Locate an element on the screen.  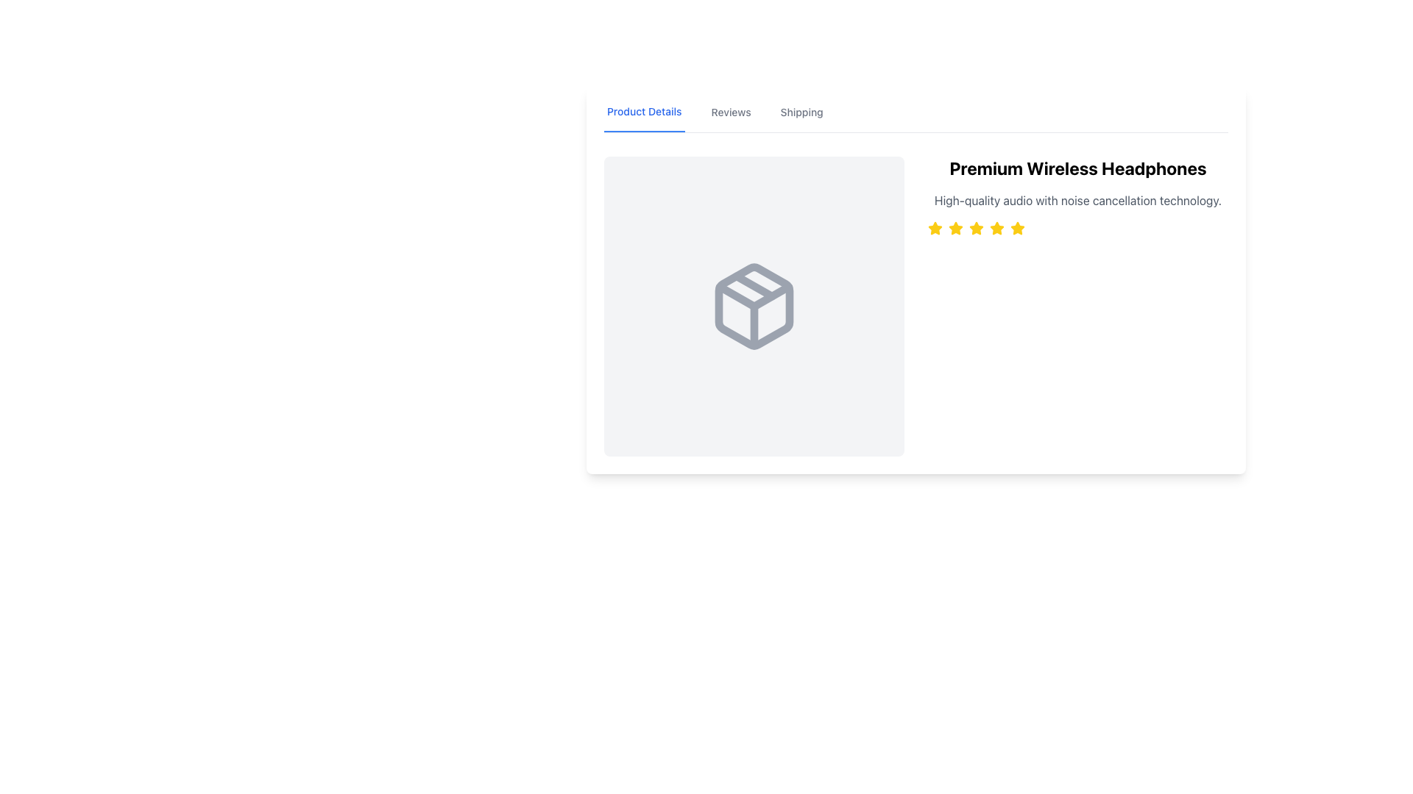
the fourth yellow star icon in the rating system to rate the product 'Premium Wireless Headphones' is located at coordinates (996, 227).